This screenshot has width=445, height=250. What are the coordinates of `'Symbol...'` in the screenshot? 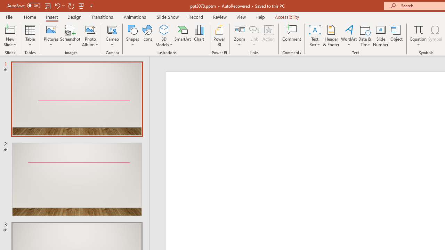 It's located at (435, 36).